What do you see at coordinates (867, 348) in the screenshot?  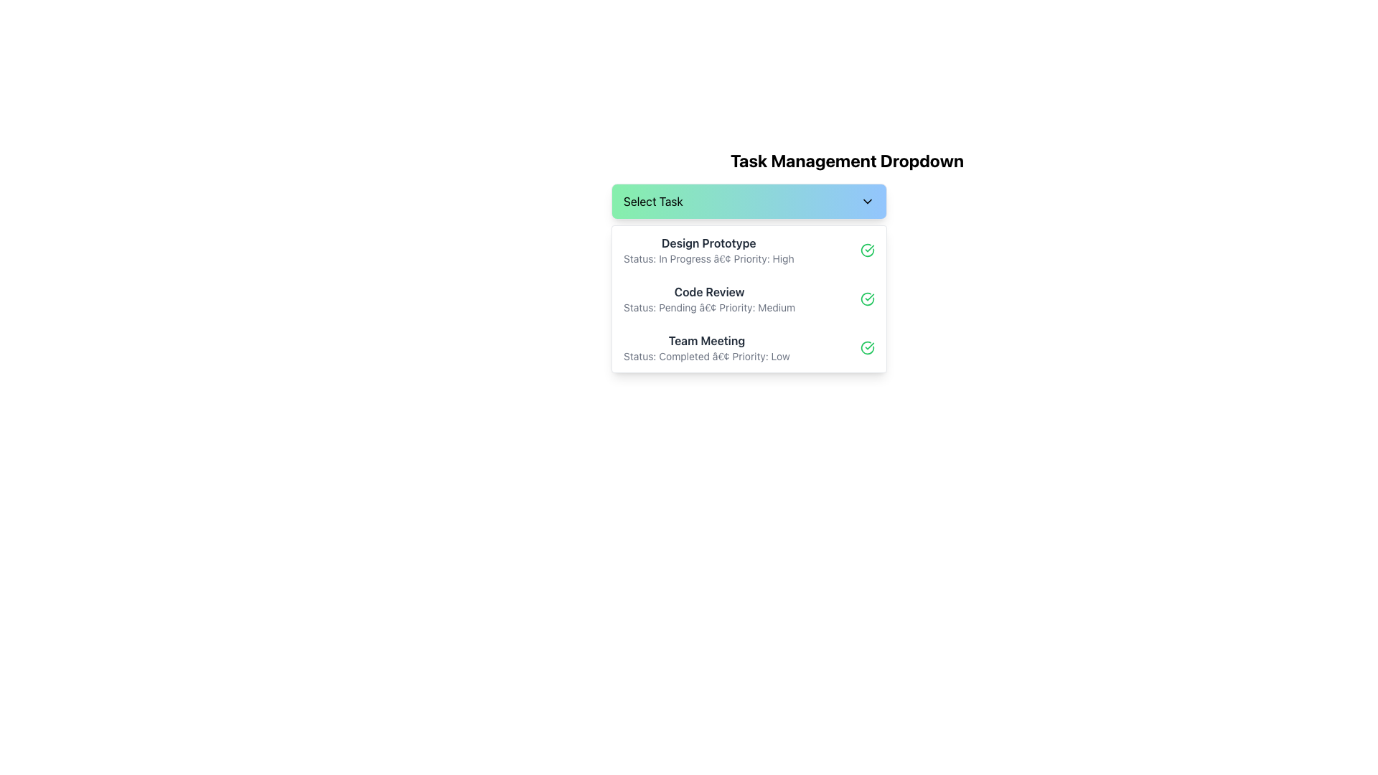 I see `the completion status icon located in the rightmost section of the row labeled 'Team Meeting', adjacent to the text 'Status: Completed • Priority: Low'` at bounding box center [867, 348].